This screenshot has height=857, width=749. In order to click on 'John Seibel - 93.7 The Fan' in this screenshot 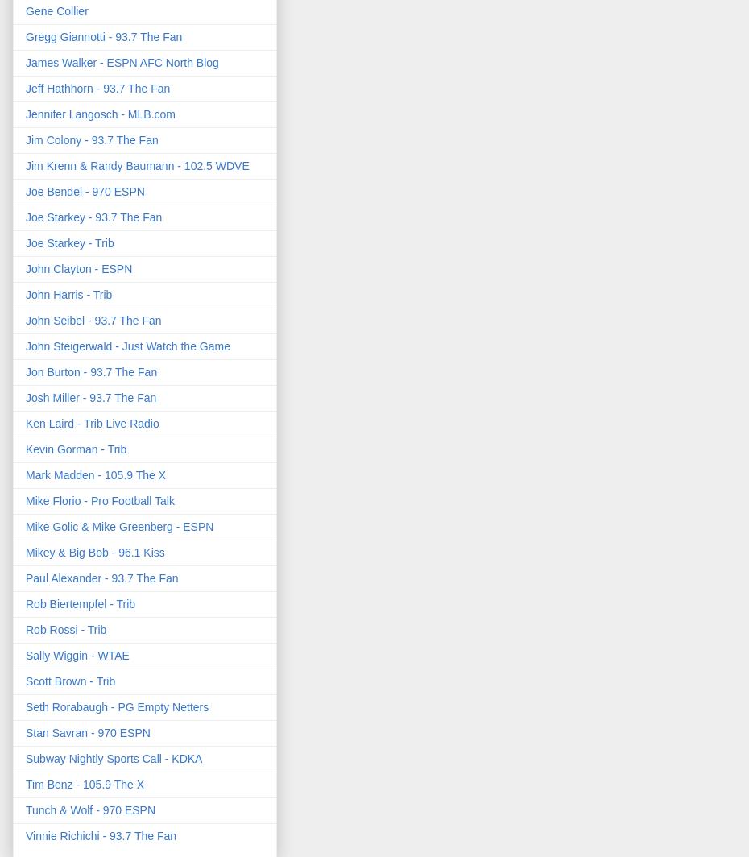, I will do `click(93, 319)`.